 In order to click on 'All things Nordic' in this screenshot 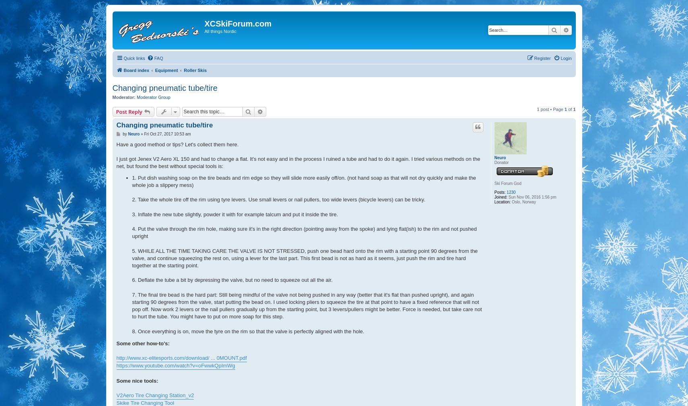, I will do `click(220, 31)`.